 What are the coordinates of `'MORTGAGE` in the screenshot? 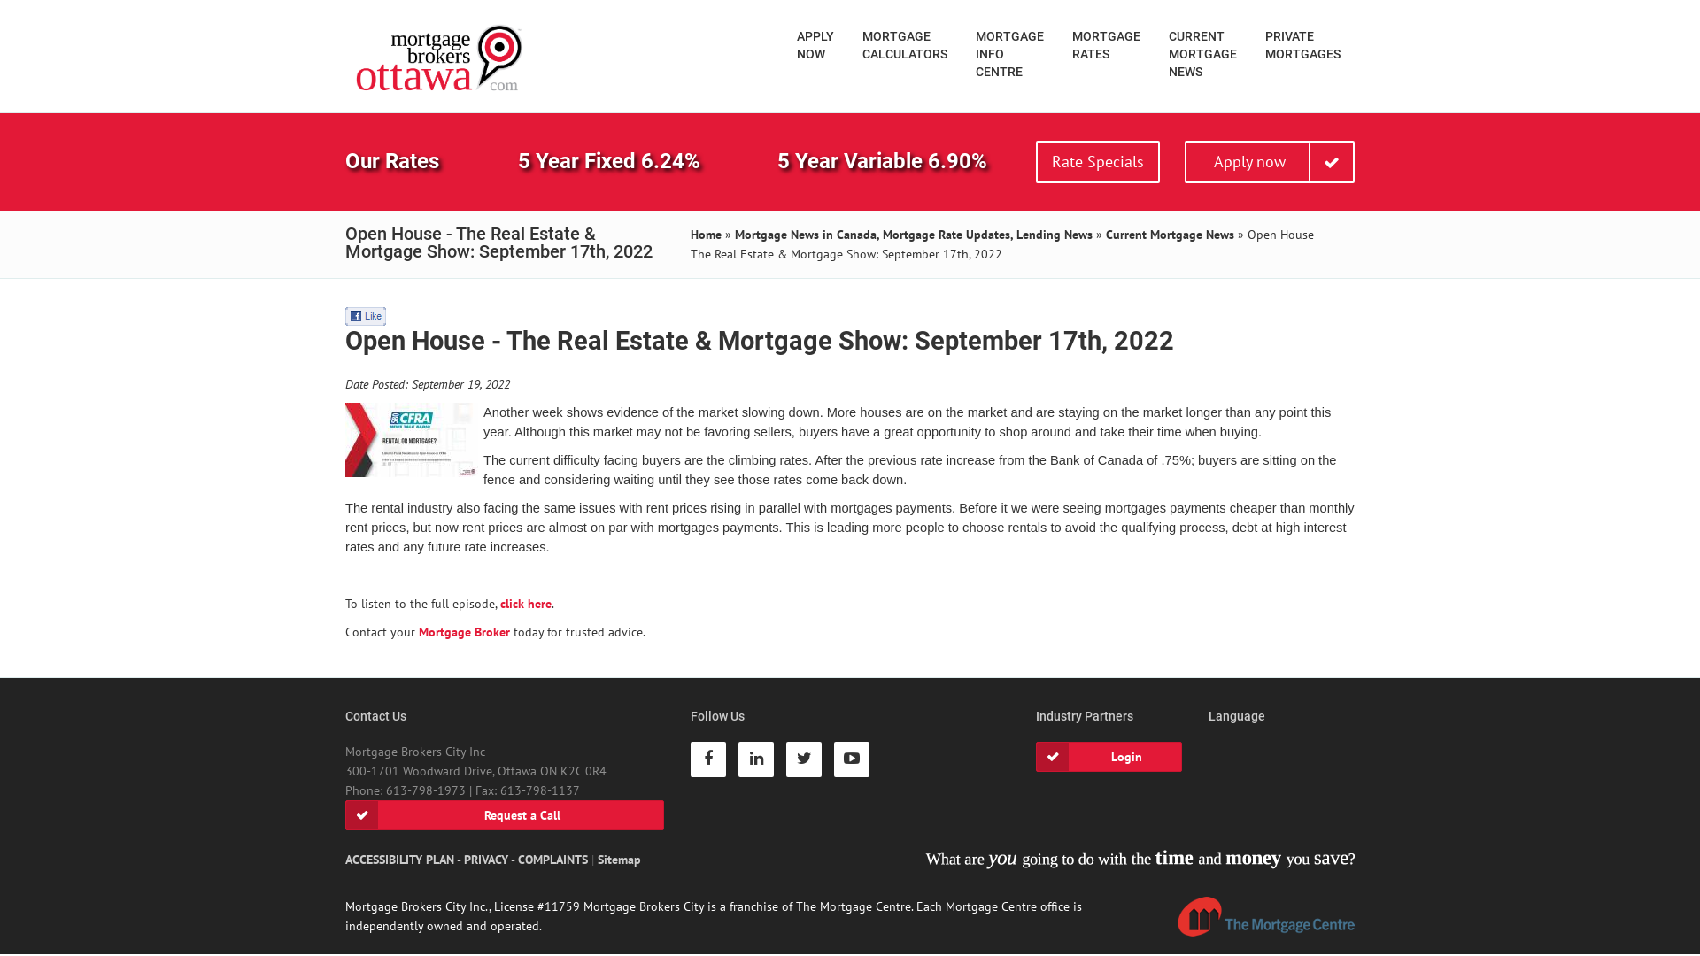 It's located at (1009, 51).